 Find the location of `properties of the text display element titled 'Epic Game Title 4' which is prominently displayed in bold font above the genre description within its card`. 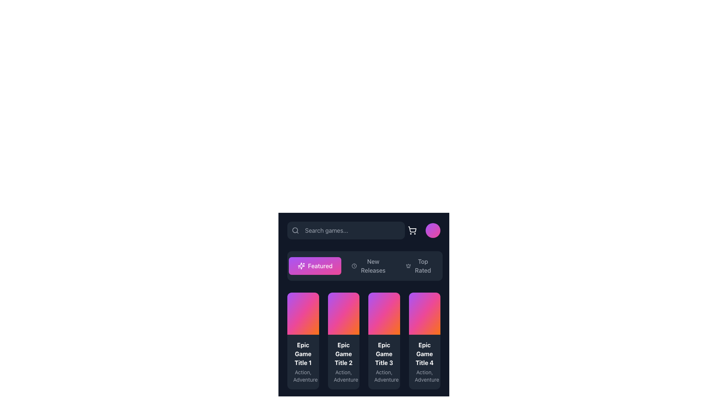

properties of the text display element titled 'Epic Game Title 4' which is prominently displayed in bold font above the genre description within its card is located at coordinates (425, 325).